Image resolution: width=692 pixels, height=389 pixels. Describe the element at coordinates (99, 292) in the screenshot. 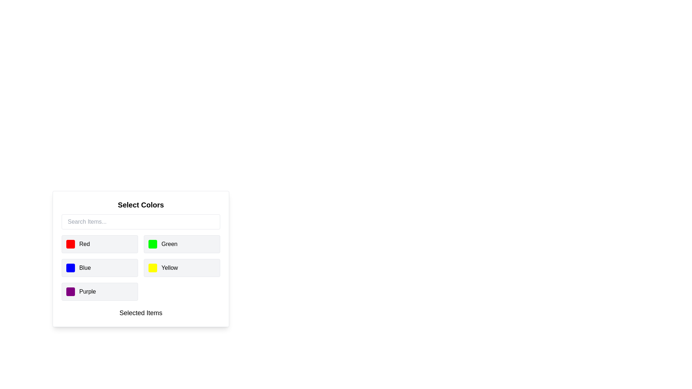

I see `the selectable list item that represents the color purple` at that location.